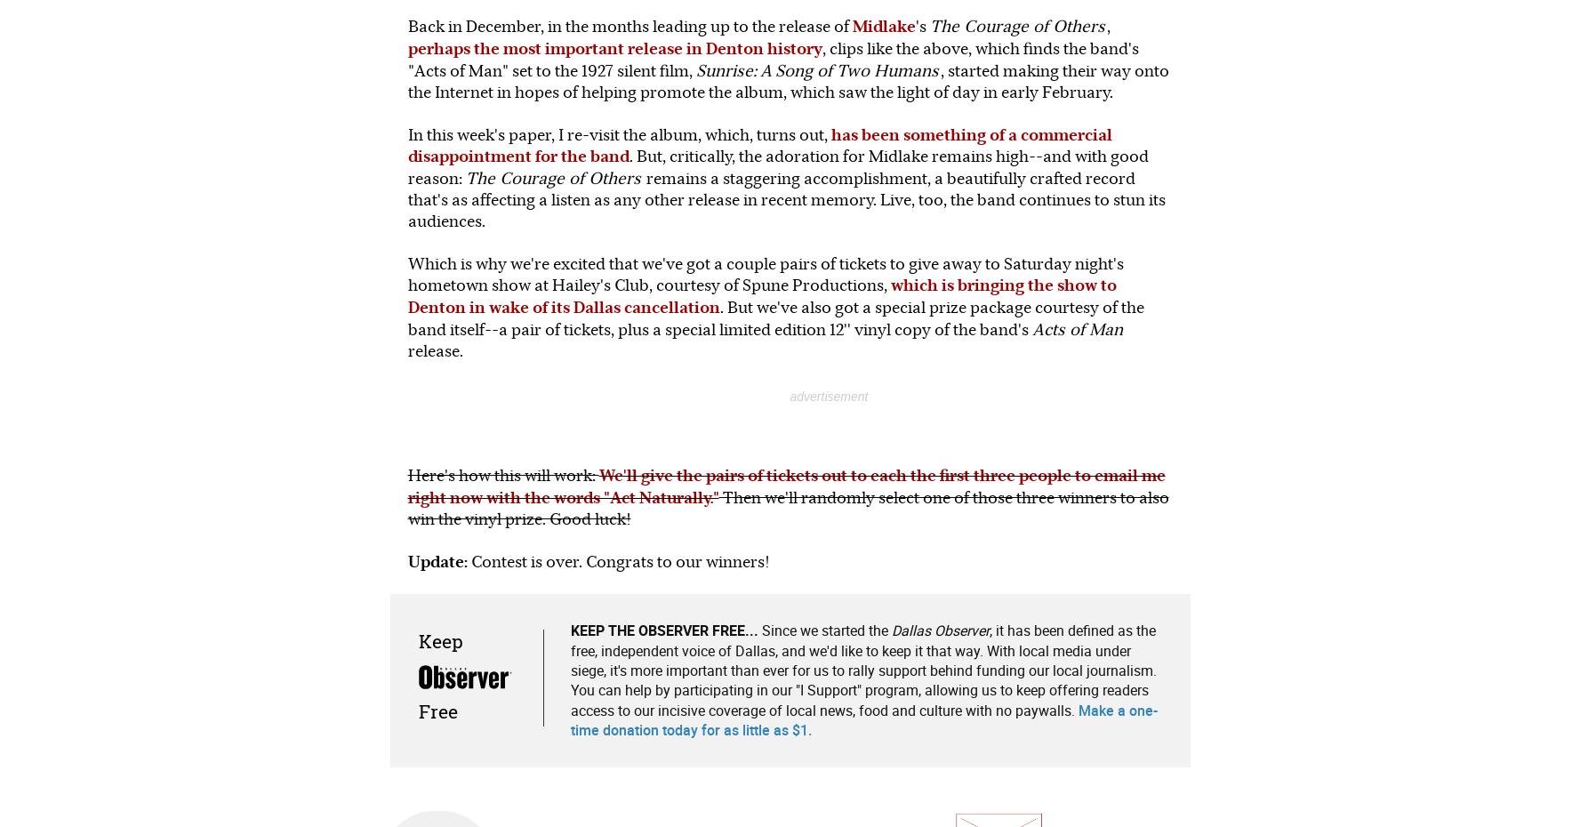 This screenshot has height=827, width=1580. I want to click on 'Since we started the', so click(824, 630).